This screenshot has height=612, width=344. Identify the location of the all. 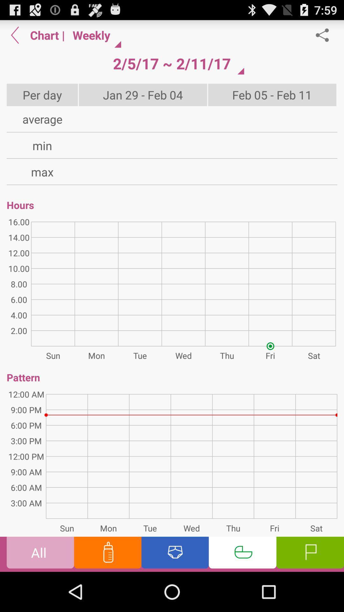
(40, 554).